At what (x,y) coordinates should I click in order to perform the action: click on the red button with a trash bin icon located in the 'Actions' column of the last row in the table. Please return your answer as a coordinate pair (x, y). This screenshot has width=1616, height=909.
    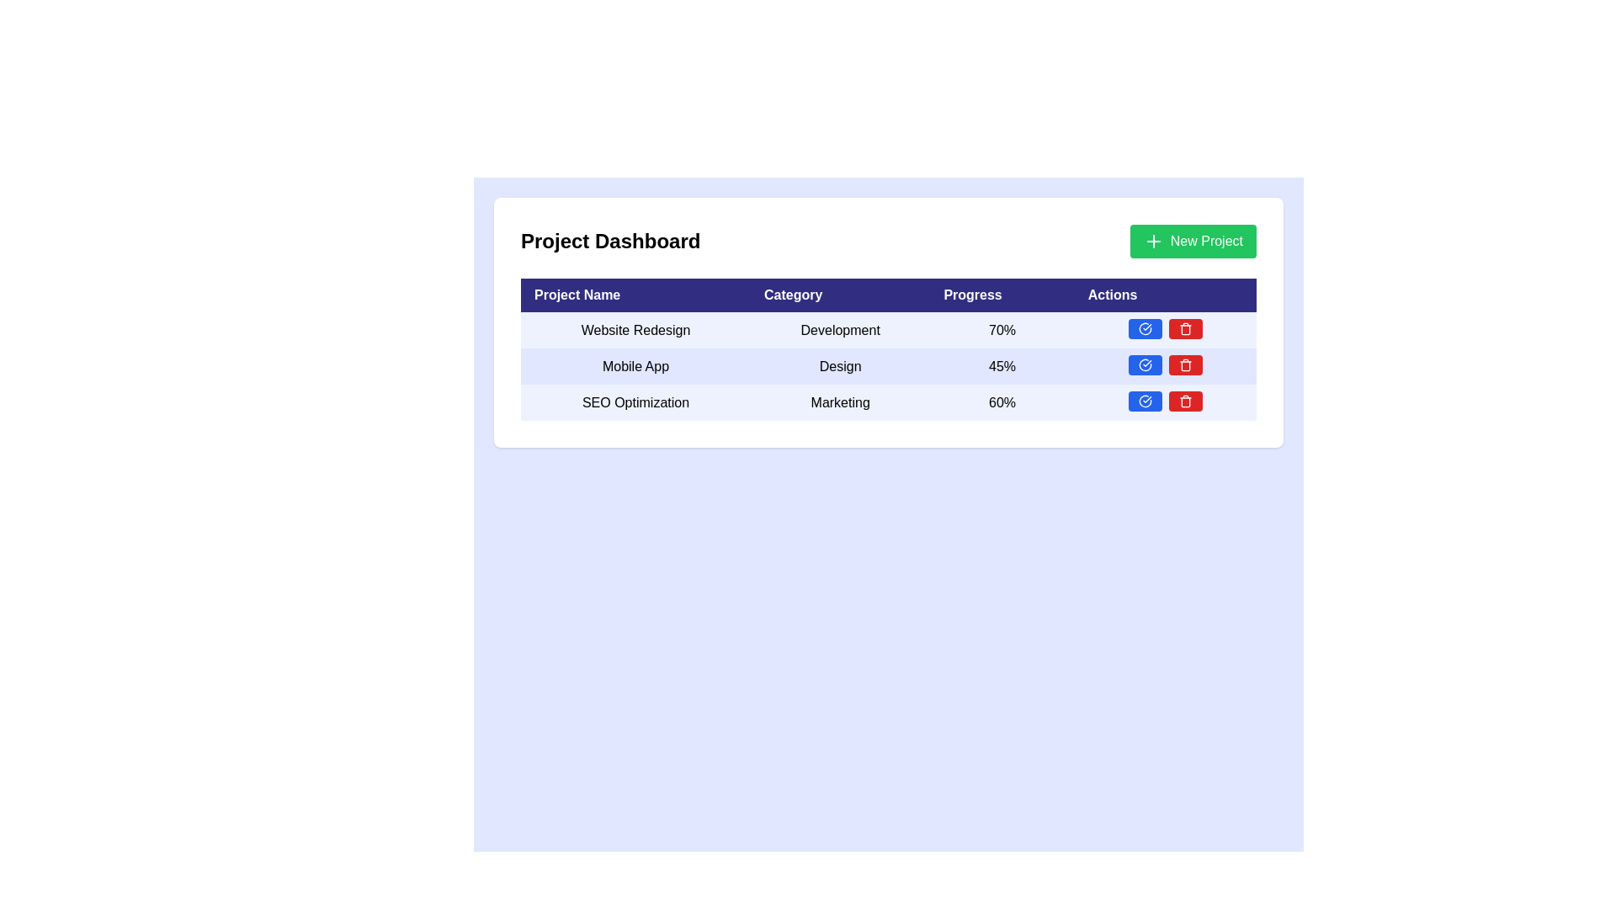
    Looking at the image, I should click on (1184, 401).